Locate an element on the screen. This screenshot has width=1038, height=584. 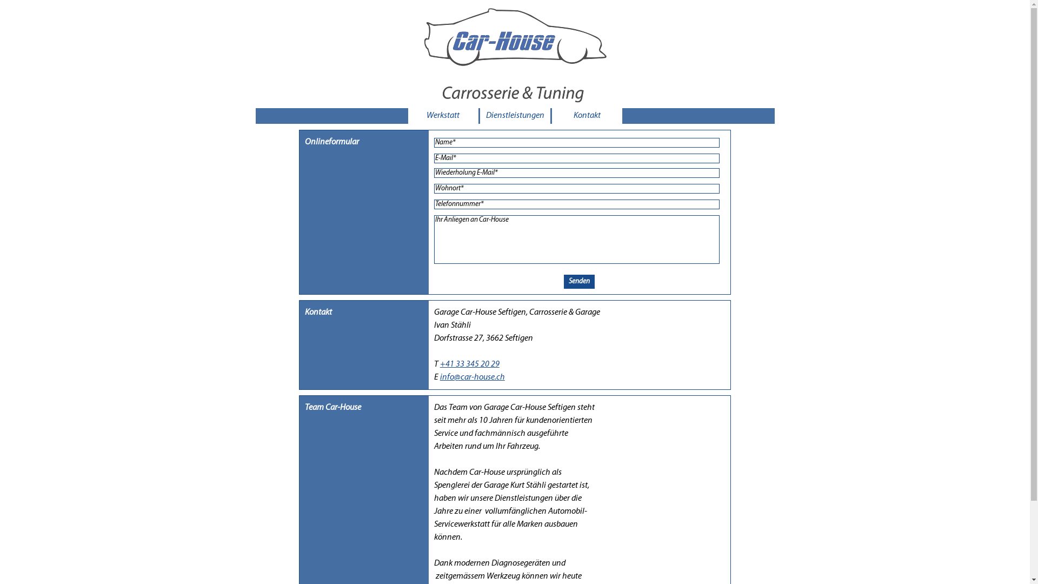
'+41 33 345 20 29' is located at coordinates (469, 364).